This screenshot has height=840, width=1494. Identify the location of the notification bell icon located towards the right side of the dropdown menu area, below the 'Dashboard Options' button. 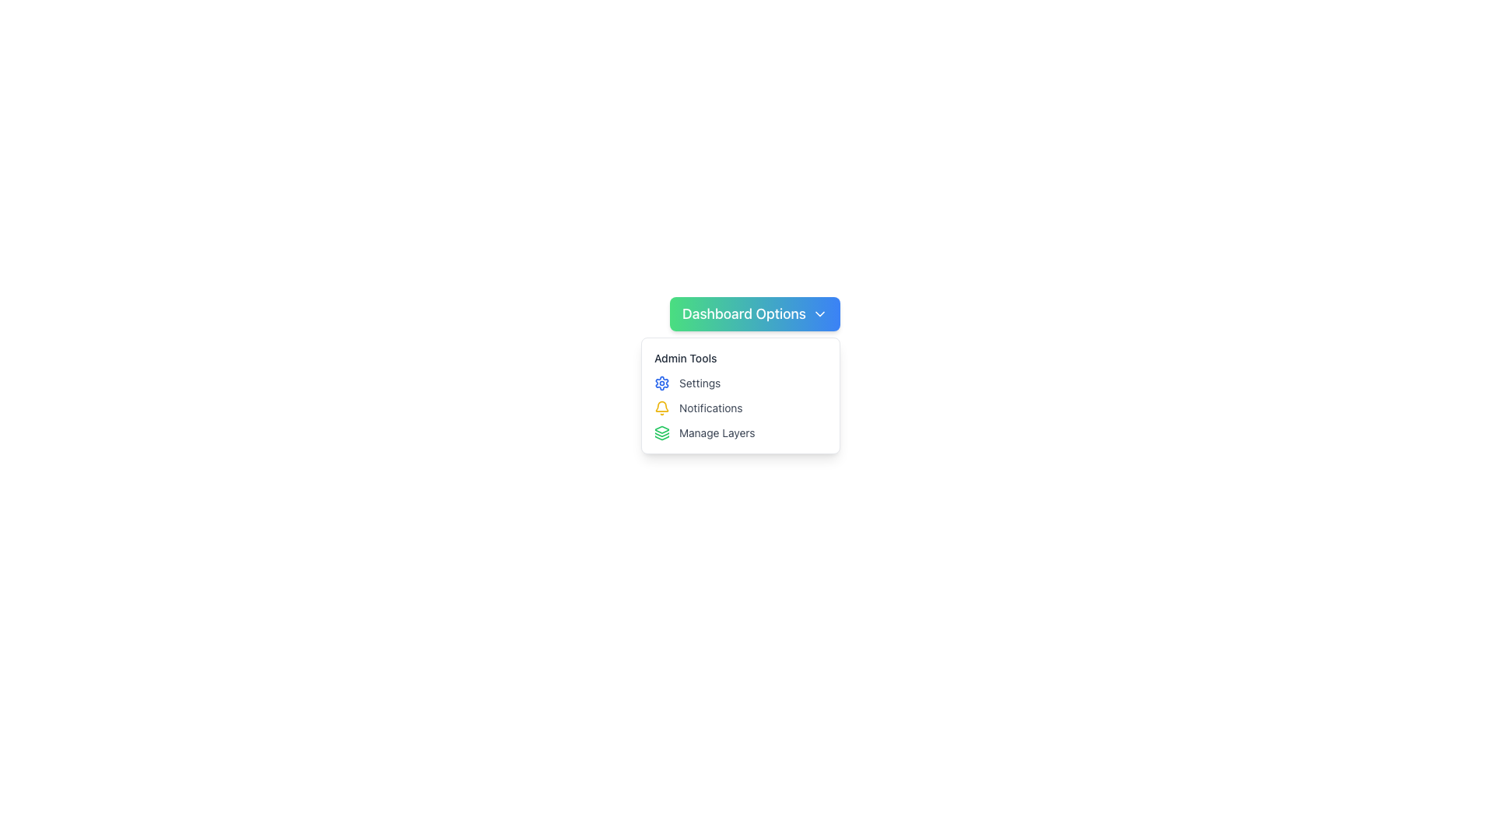
(661, 405).